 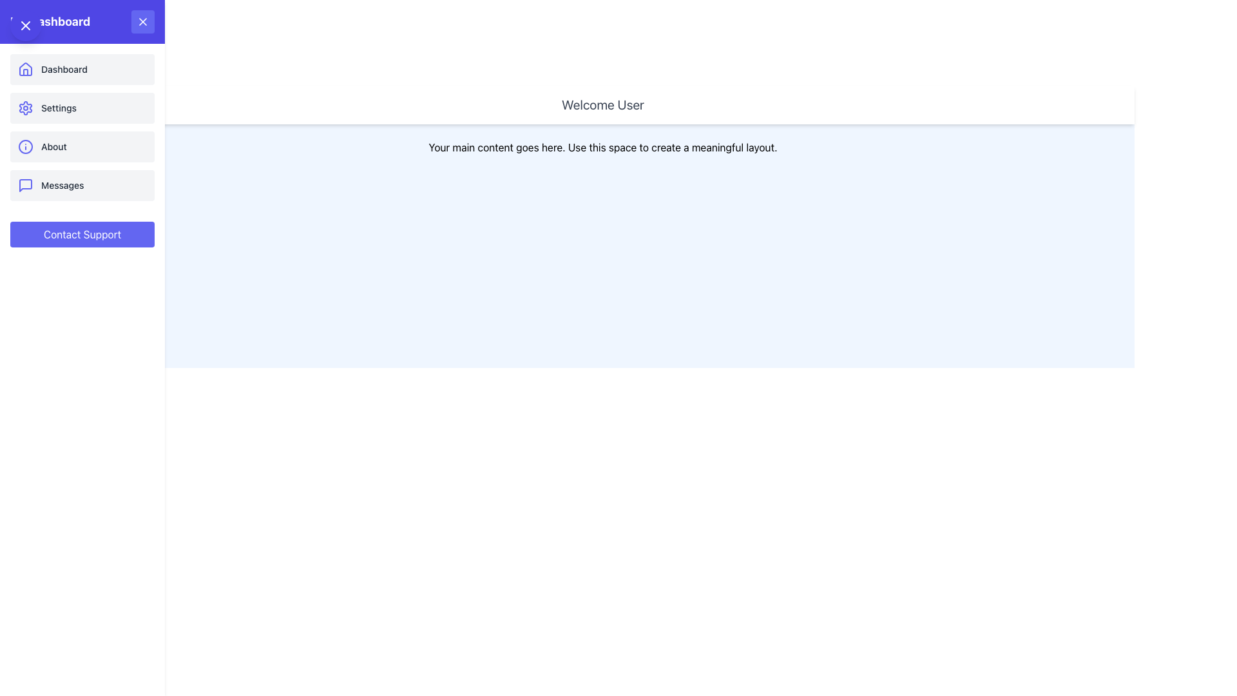 What do you see at coordinates (25, 186) in the screenshot?
I see `the message square or chat bubble icon located in the sidebar menu next to the 'Messages' text label` at bounding box center [25, 186].